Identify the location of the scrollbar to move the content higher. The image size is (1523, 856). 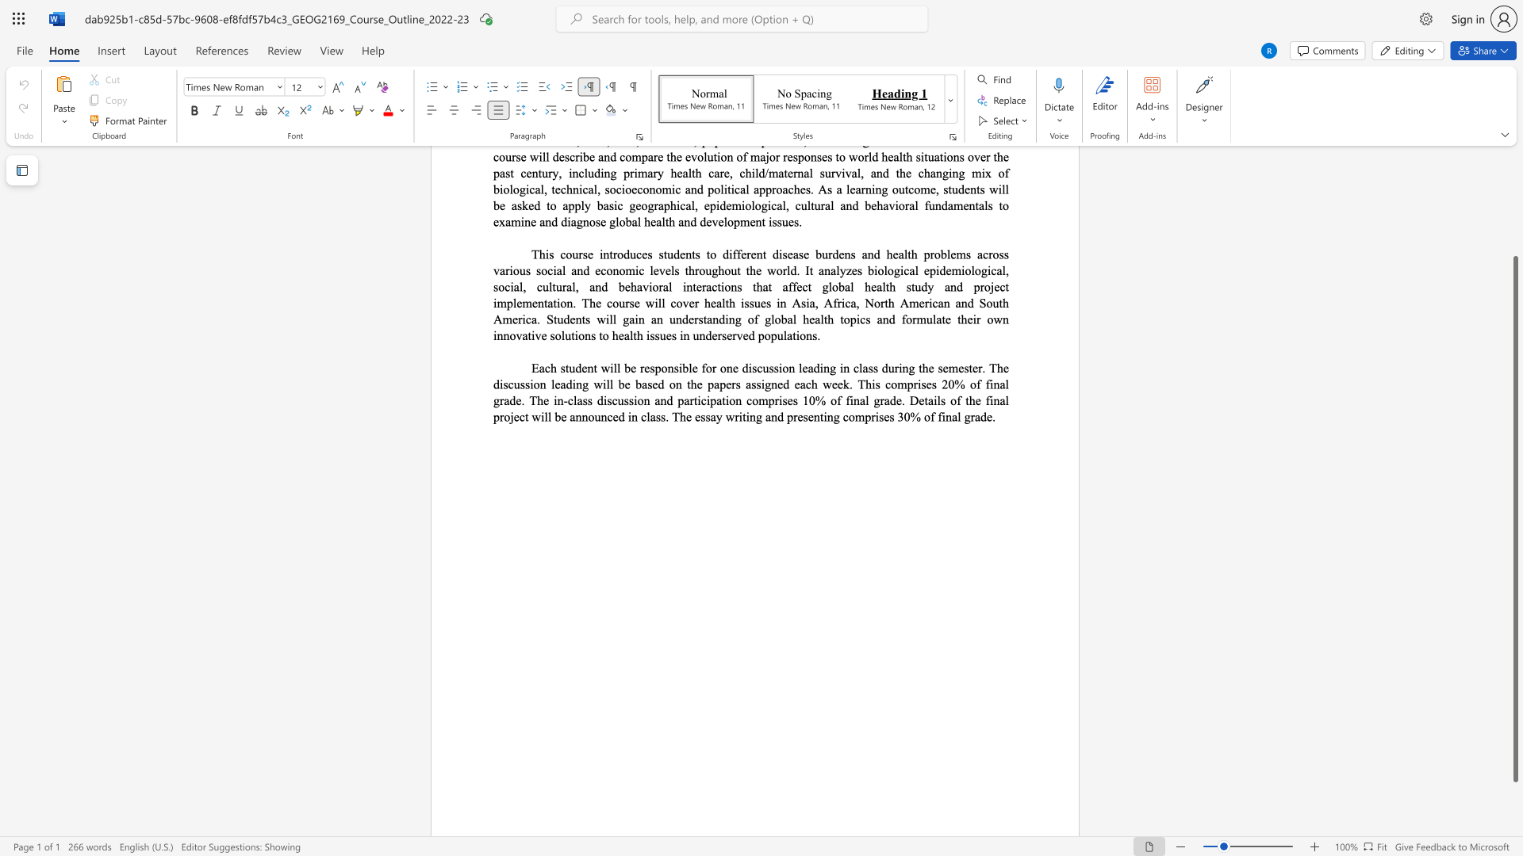
(1514, 182).